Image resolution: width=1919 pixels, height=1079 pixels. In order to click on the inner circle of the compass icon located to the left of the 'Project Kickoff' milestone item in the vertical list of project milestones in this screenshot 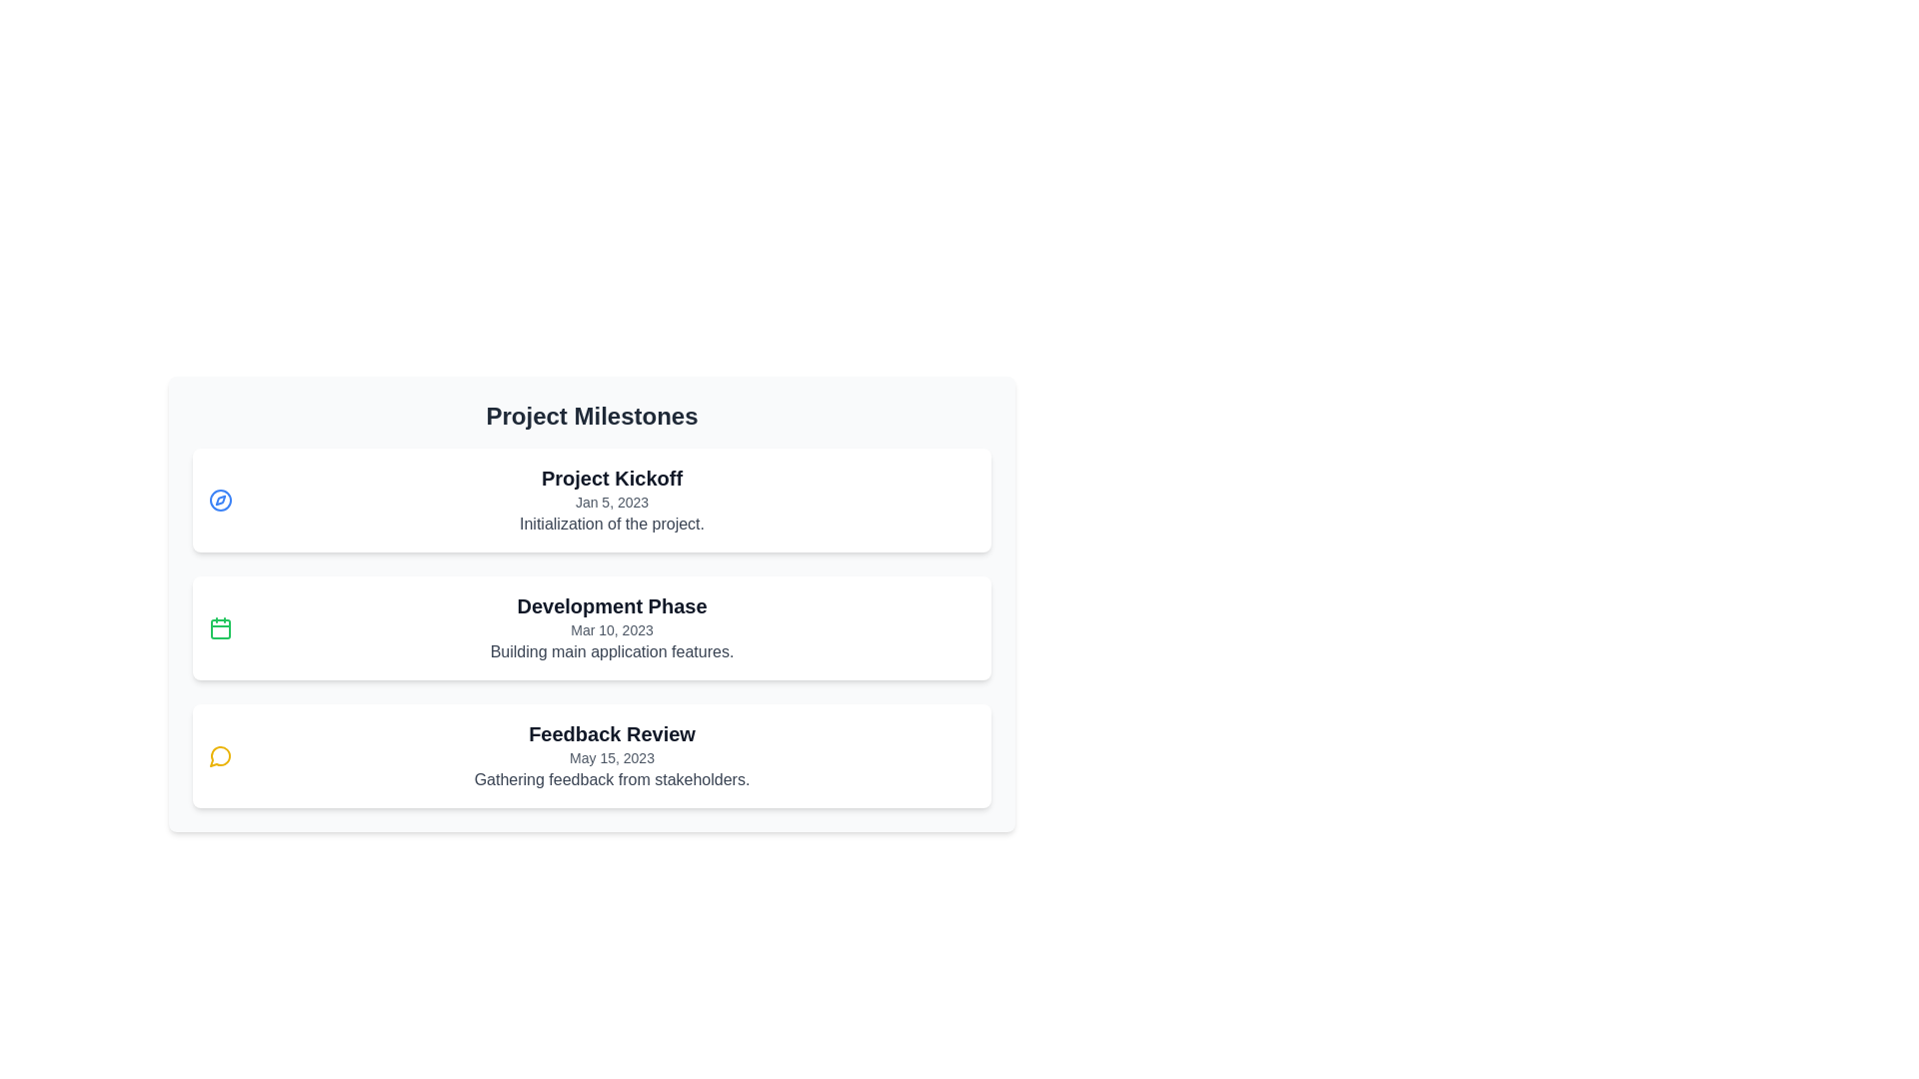, I will do `click(220, 500)`.